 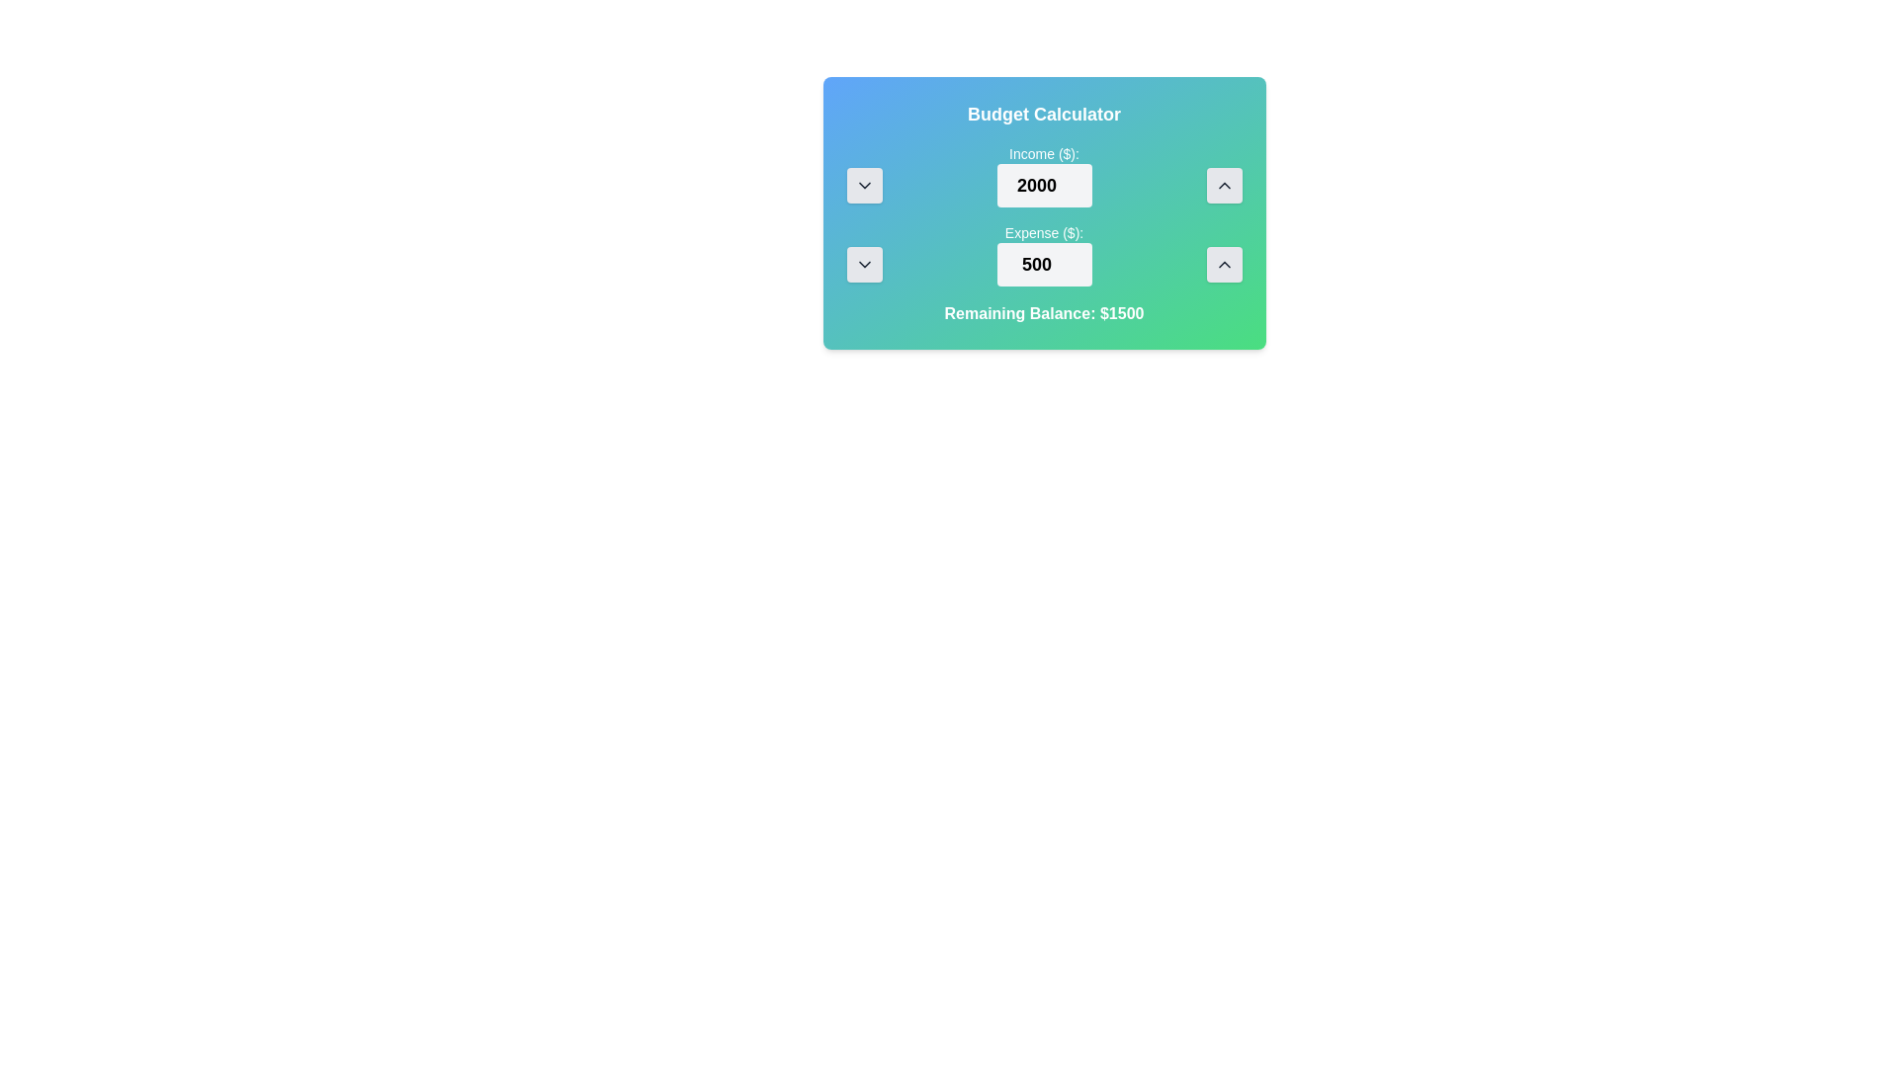 I want to click on the downward chevron icon inside the leftmost button labeled 'Budget Calculator', so click(x=864, y=186).